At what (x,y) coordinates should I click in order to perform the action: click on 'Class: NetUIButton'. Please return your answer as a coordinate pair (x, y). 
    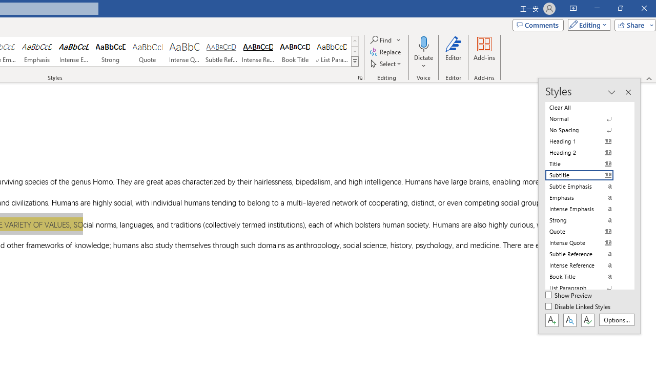
    Looking at the image, I should click on (587, 319).